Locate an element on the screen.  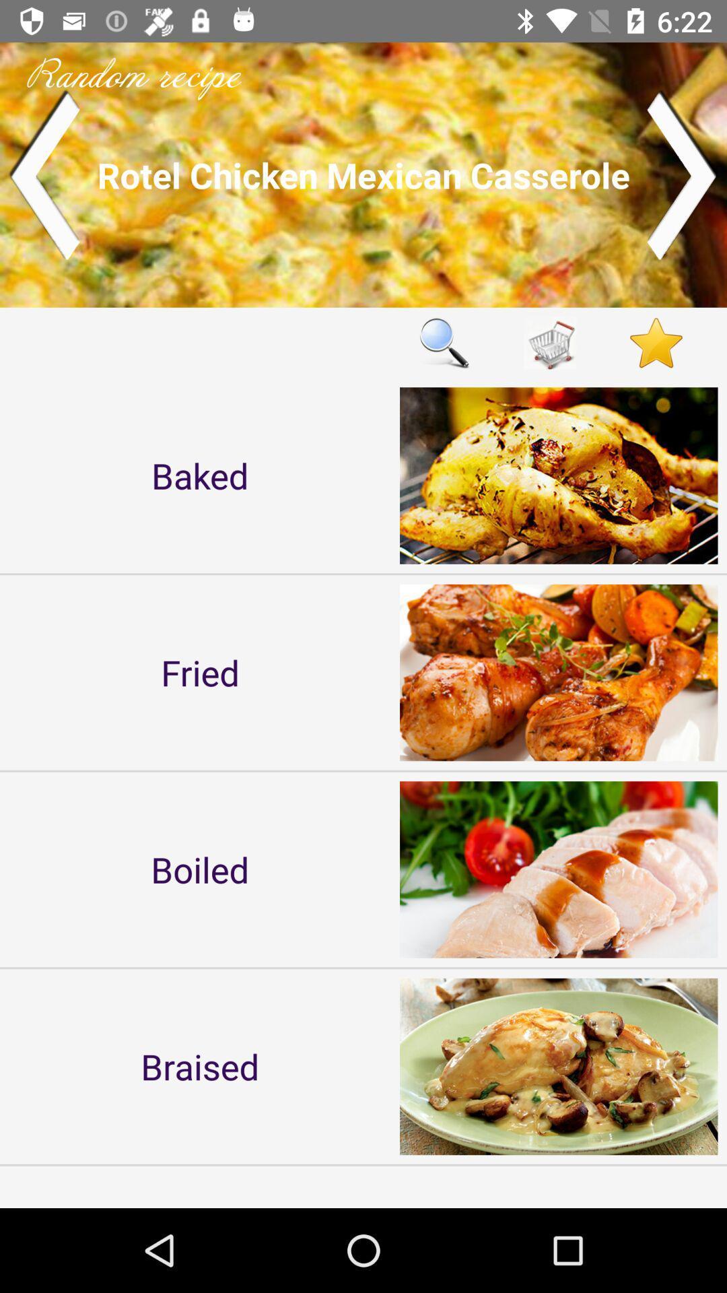
cart is located at coordinates (550, 343).